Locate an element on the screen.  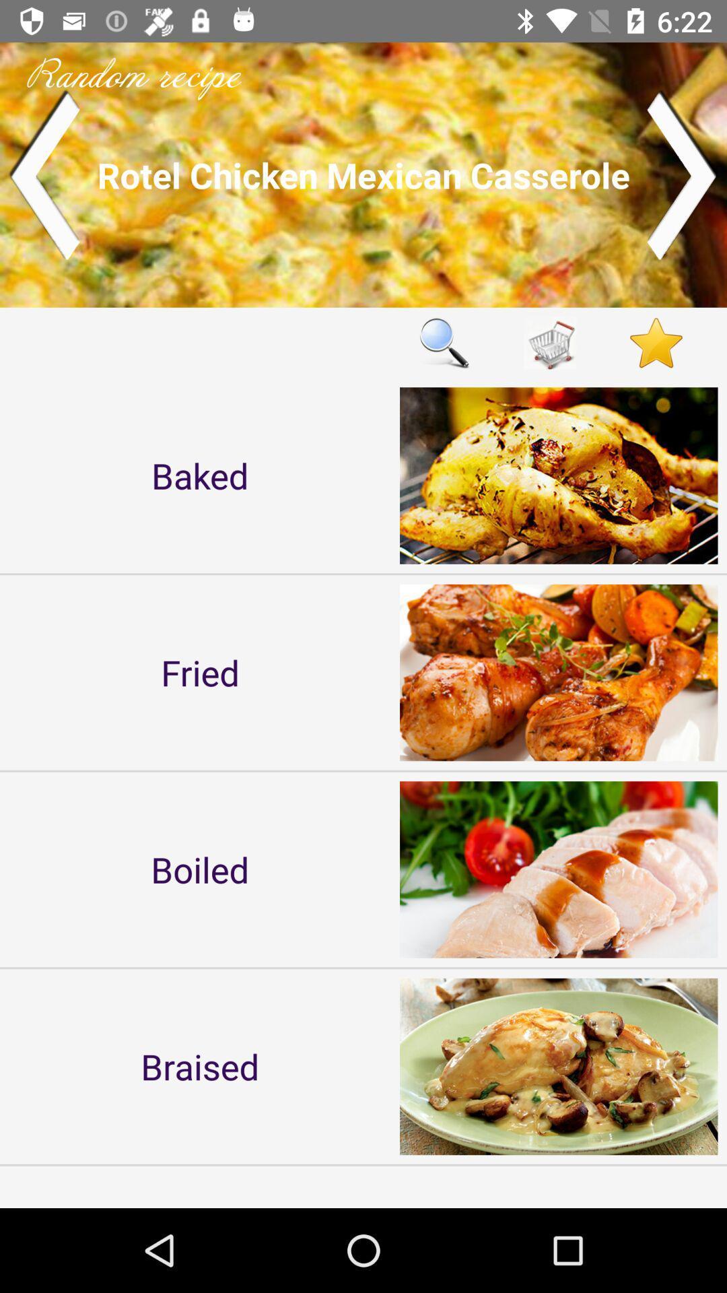
cart is located at coordinates (550, 343).